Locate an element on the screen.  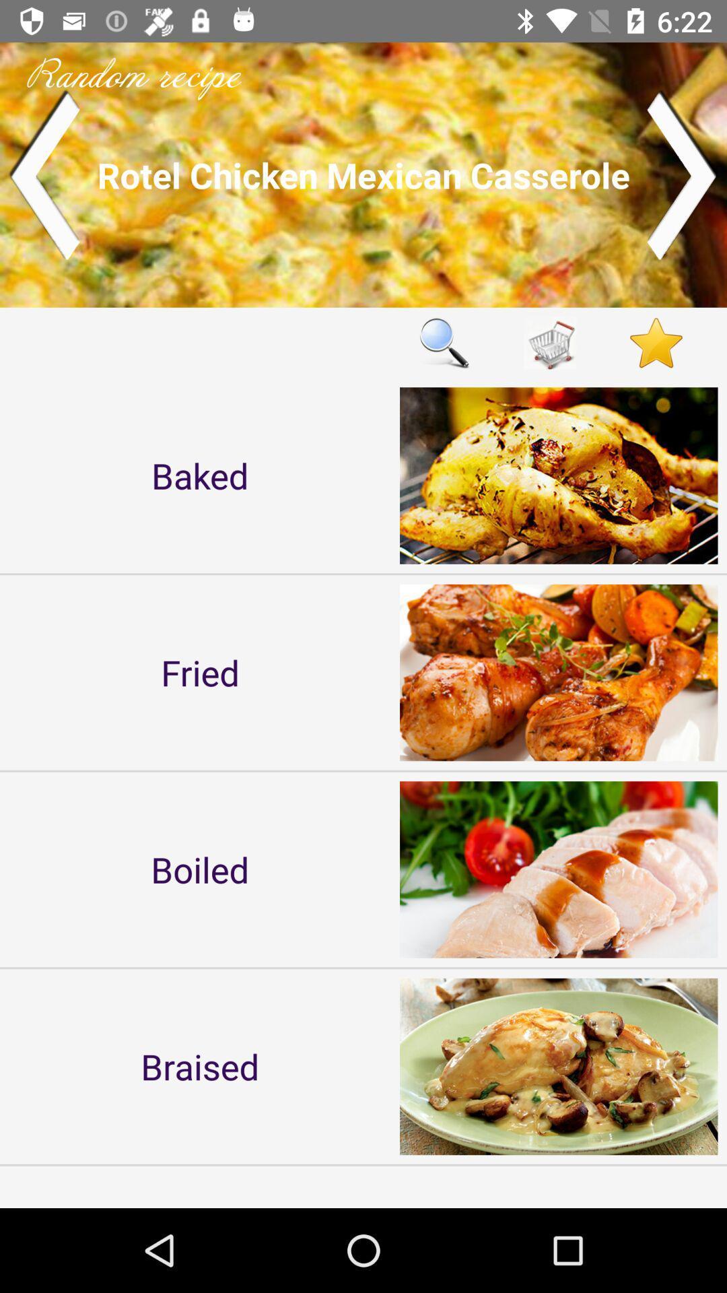
cart is located at coordinates (550, 343).